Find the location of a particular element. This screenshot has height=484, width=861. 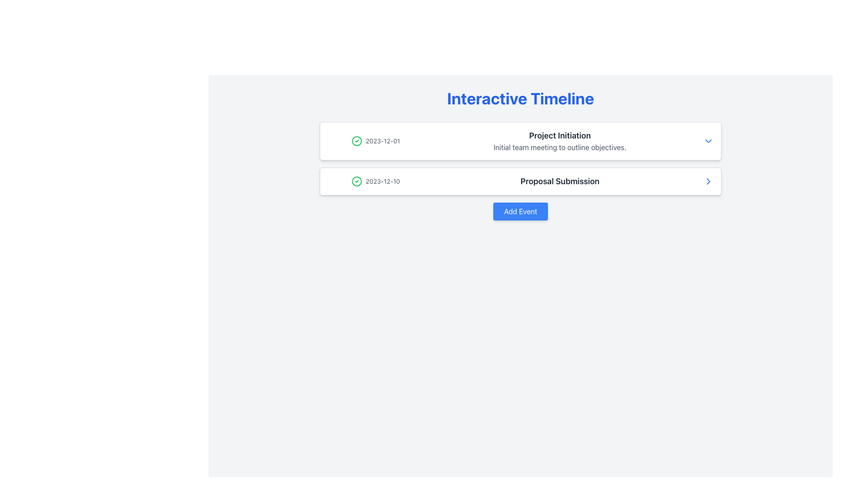

the dark arrow-shaped icon positioned on the far-right side of the 'Proposal Submission' event entry is located at coordinates (708, 181).